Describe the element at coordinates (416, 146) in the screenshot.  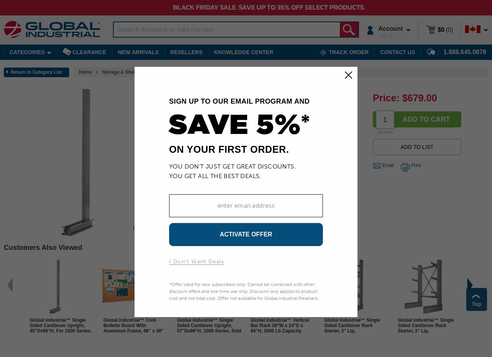
I see `'Add to List'` at that location.